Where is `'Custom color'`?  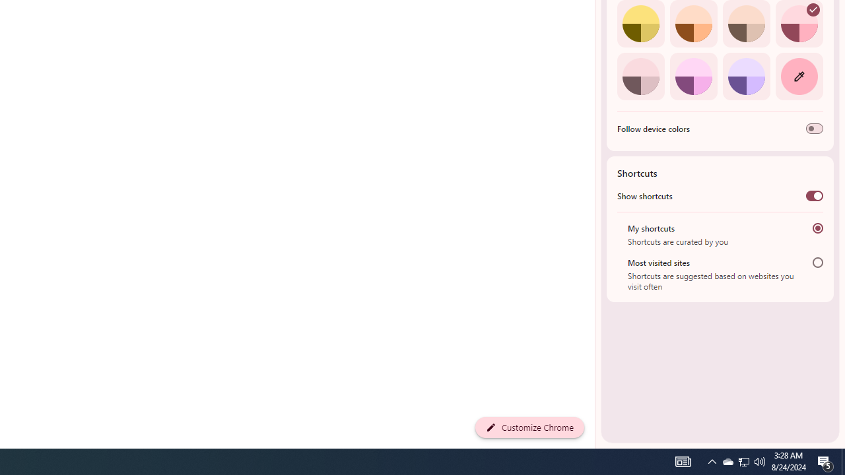
'Custom color' is located at coordinates (798, 76).